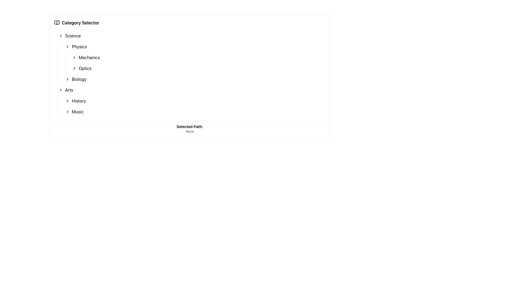 This screenshot has height=293, width=521. Describe the element at coordinates (67, 101) in the screenshot. I see `the rightward-pointing chevron-shaped arrow icon next to the 'History' label in the collapsible menu under the 'Arts' category` at that location.